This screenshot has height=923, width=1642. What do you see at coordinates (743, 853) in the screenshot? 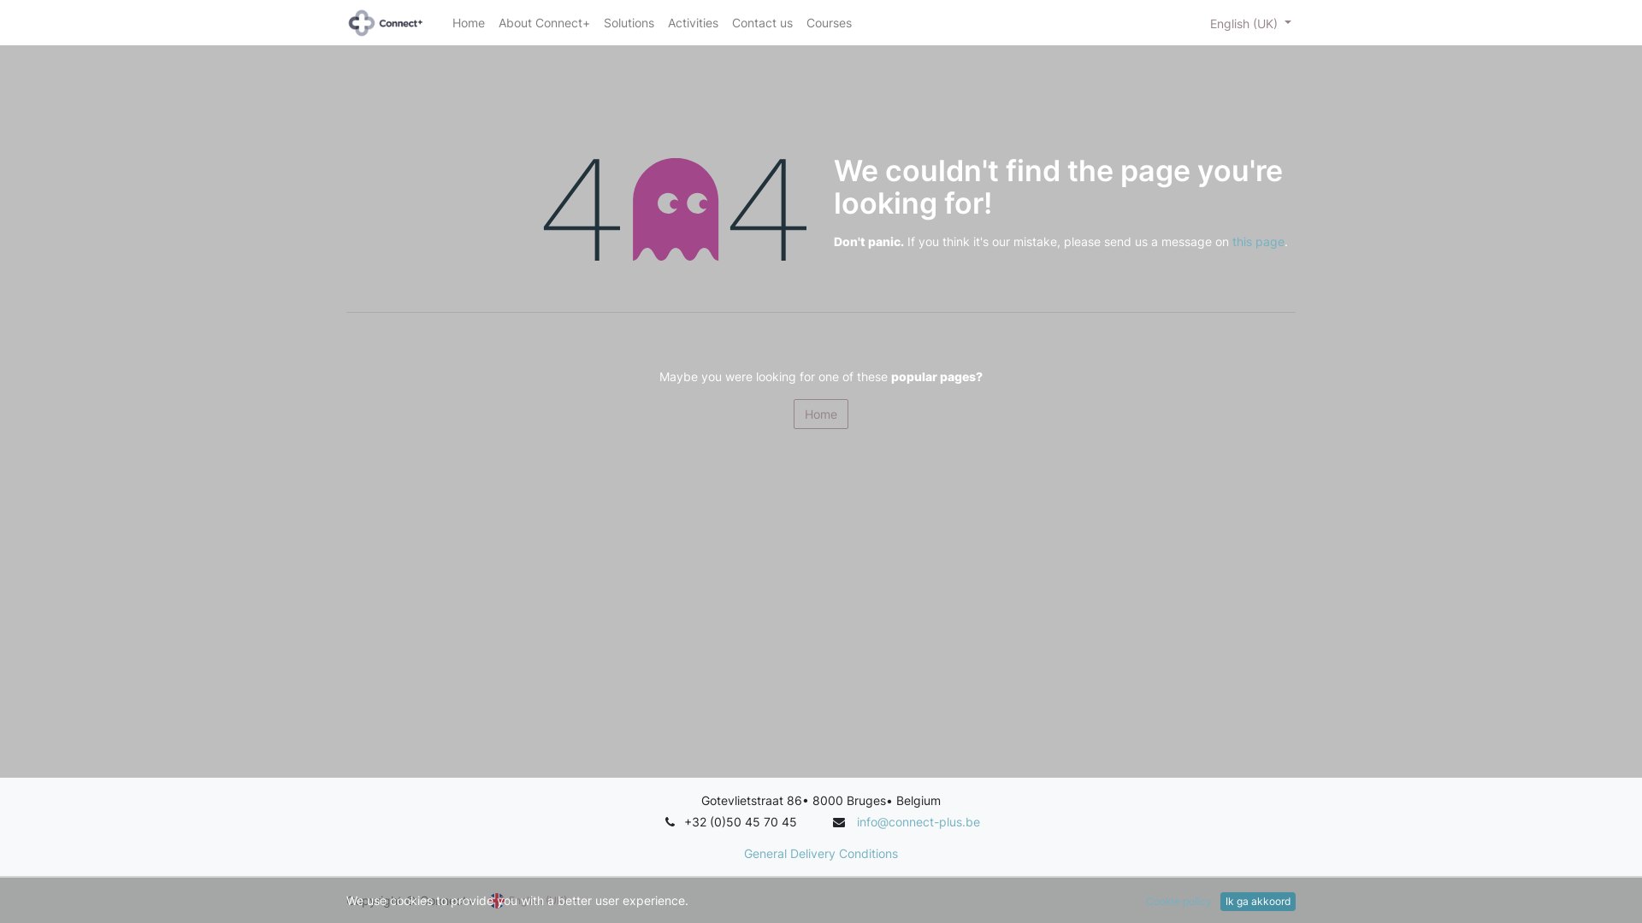
I see `'General Delivery Conditions'` at bounding box center [743, 853].